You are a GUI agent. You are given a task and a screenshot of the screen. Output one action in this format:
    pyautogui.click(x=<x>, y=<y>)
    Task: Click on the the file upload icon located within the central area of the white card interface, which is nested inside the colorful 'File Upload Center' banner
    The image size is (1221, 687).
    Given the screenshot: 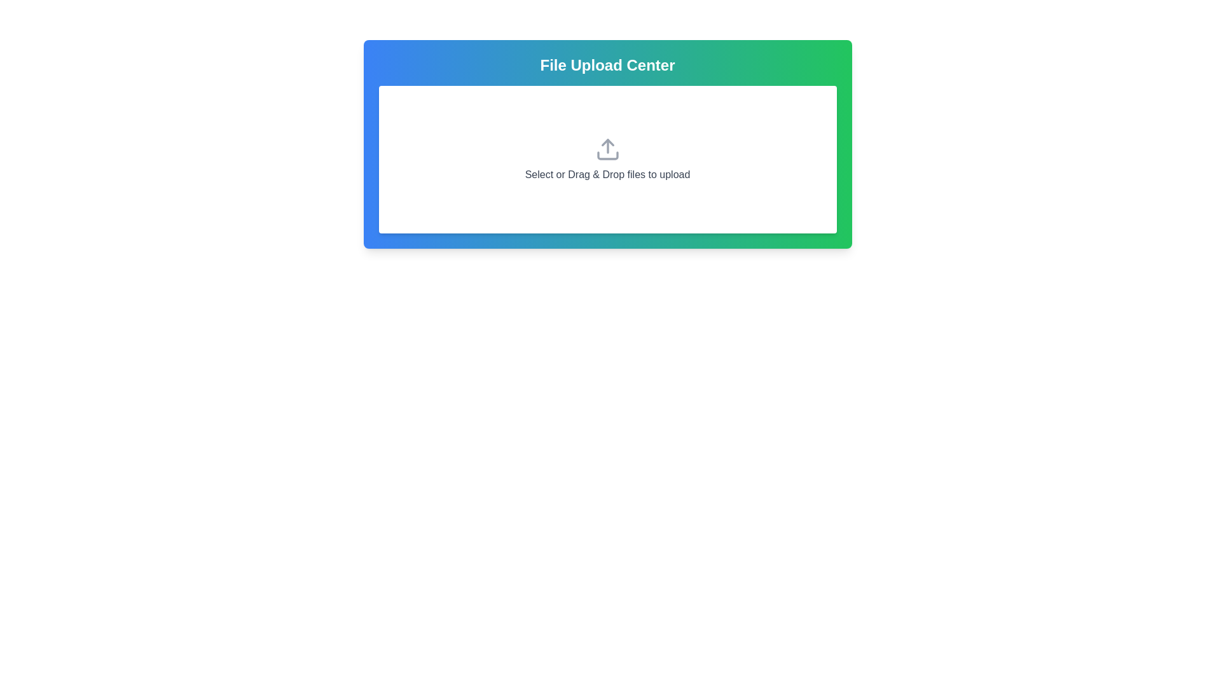 What is the action you would take?
    pyautogui.click(x=607, y=149)
    